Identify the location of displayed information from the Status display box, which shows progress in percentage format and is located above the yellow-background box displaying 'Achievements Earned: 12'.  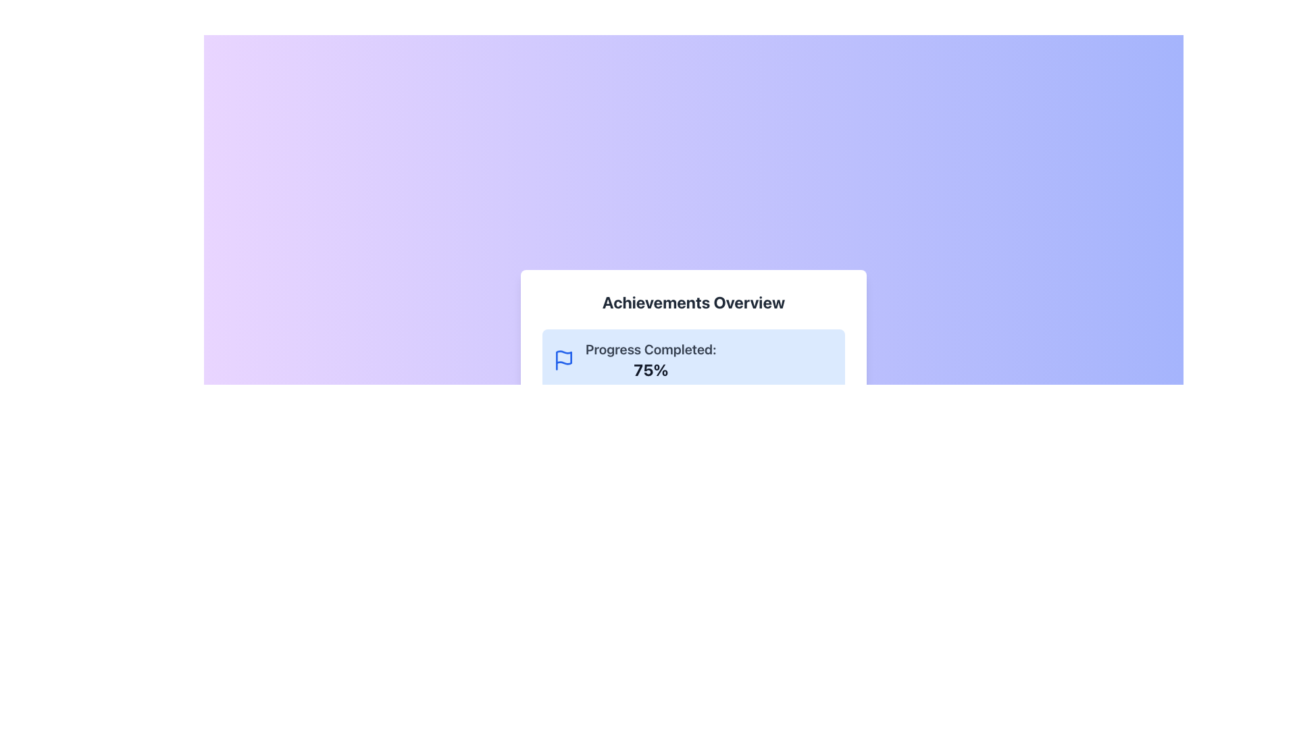
(694, 359).